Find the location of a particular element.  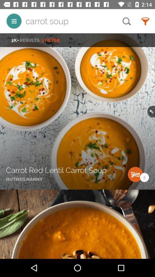

menu is located at coordinates (14, 21).